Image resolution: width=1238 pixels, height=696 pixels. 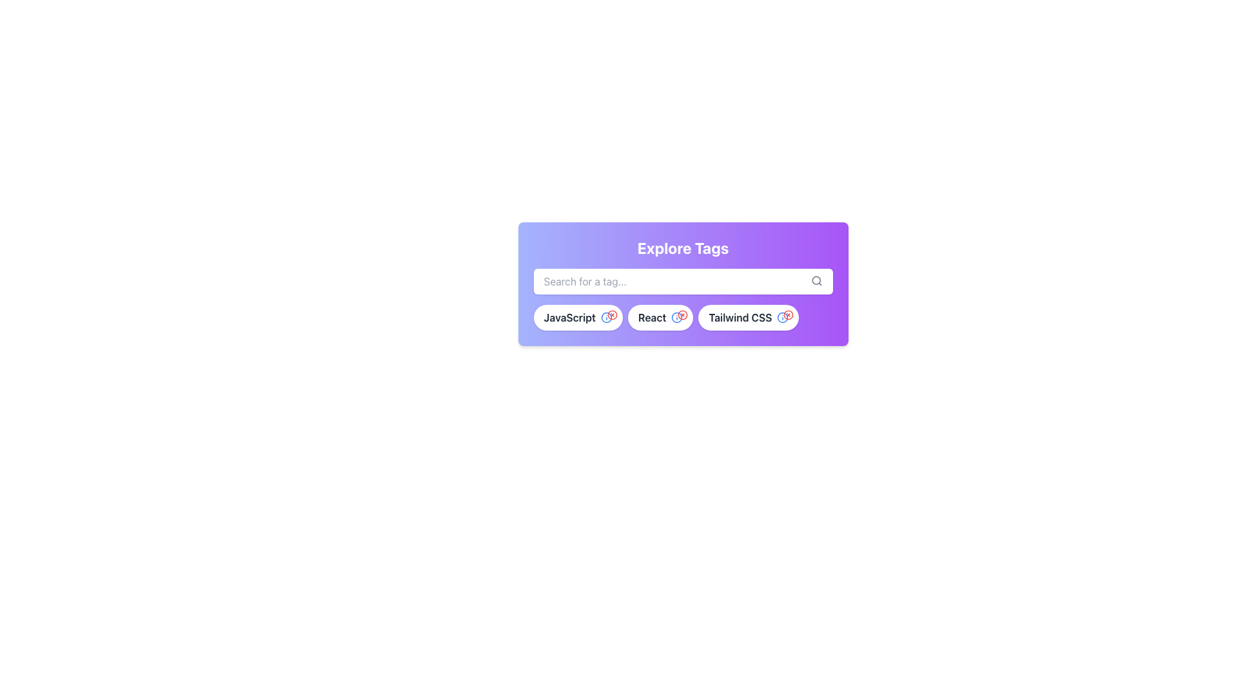 I want to click on the informational icon located immediately to the right of the 'Tailwind CSS' text, so click(x=782, y=318).